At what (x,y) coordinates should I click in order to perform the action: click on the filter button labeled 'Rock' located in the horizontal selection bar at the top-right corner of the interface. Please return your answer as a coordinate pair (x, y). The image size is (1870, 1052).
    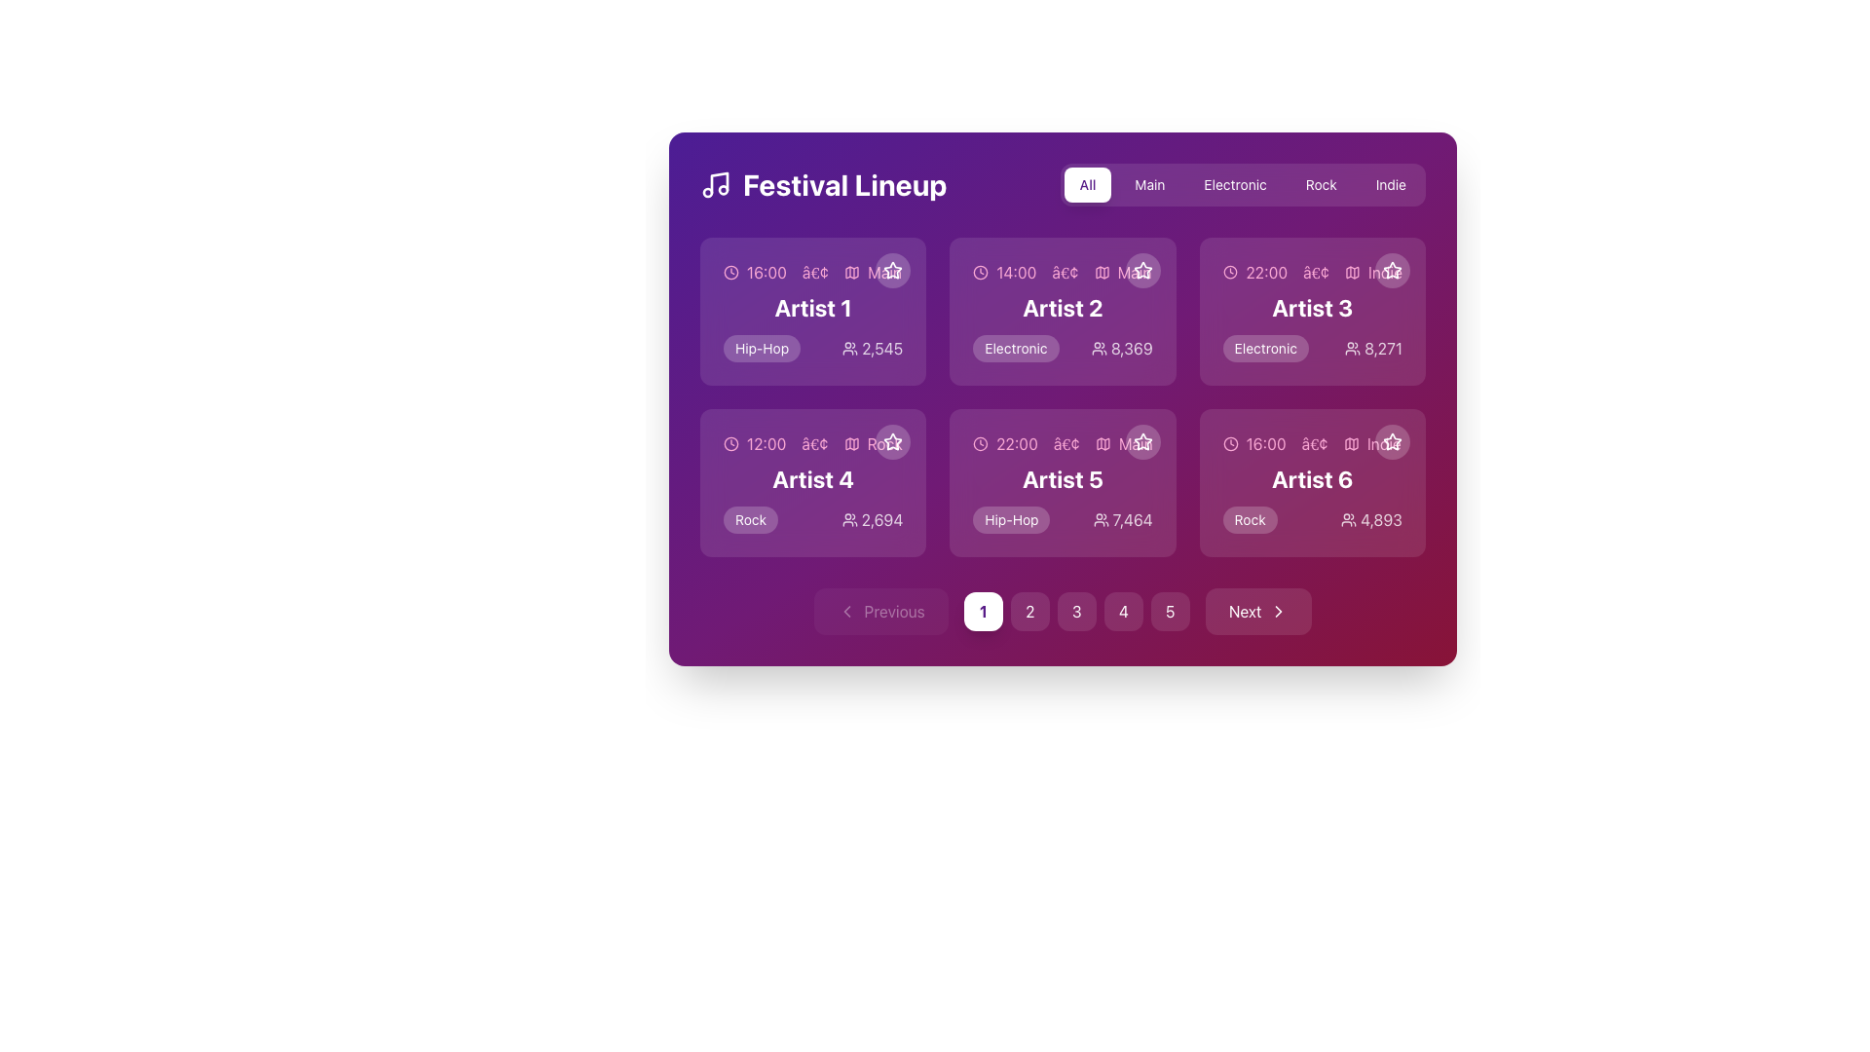
    Looking at the image, I should click on (1321, 184).